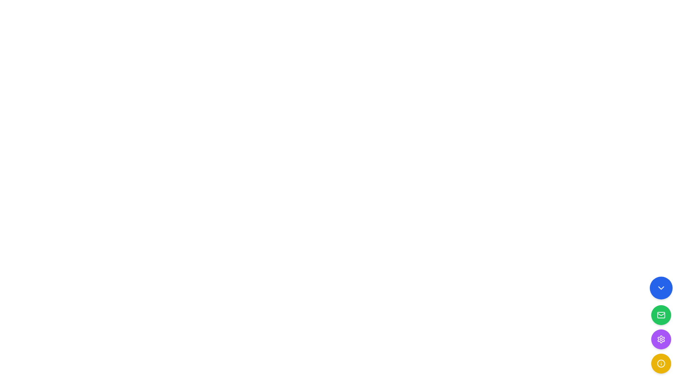  I want to click on the configuration gear icon located towards the bottom-right corner of the interface, so click(661, 339).